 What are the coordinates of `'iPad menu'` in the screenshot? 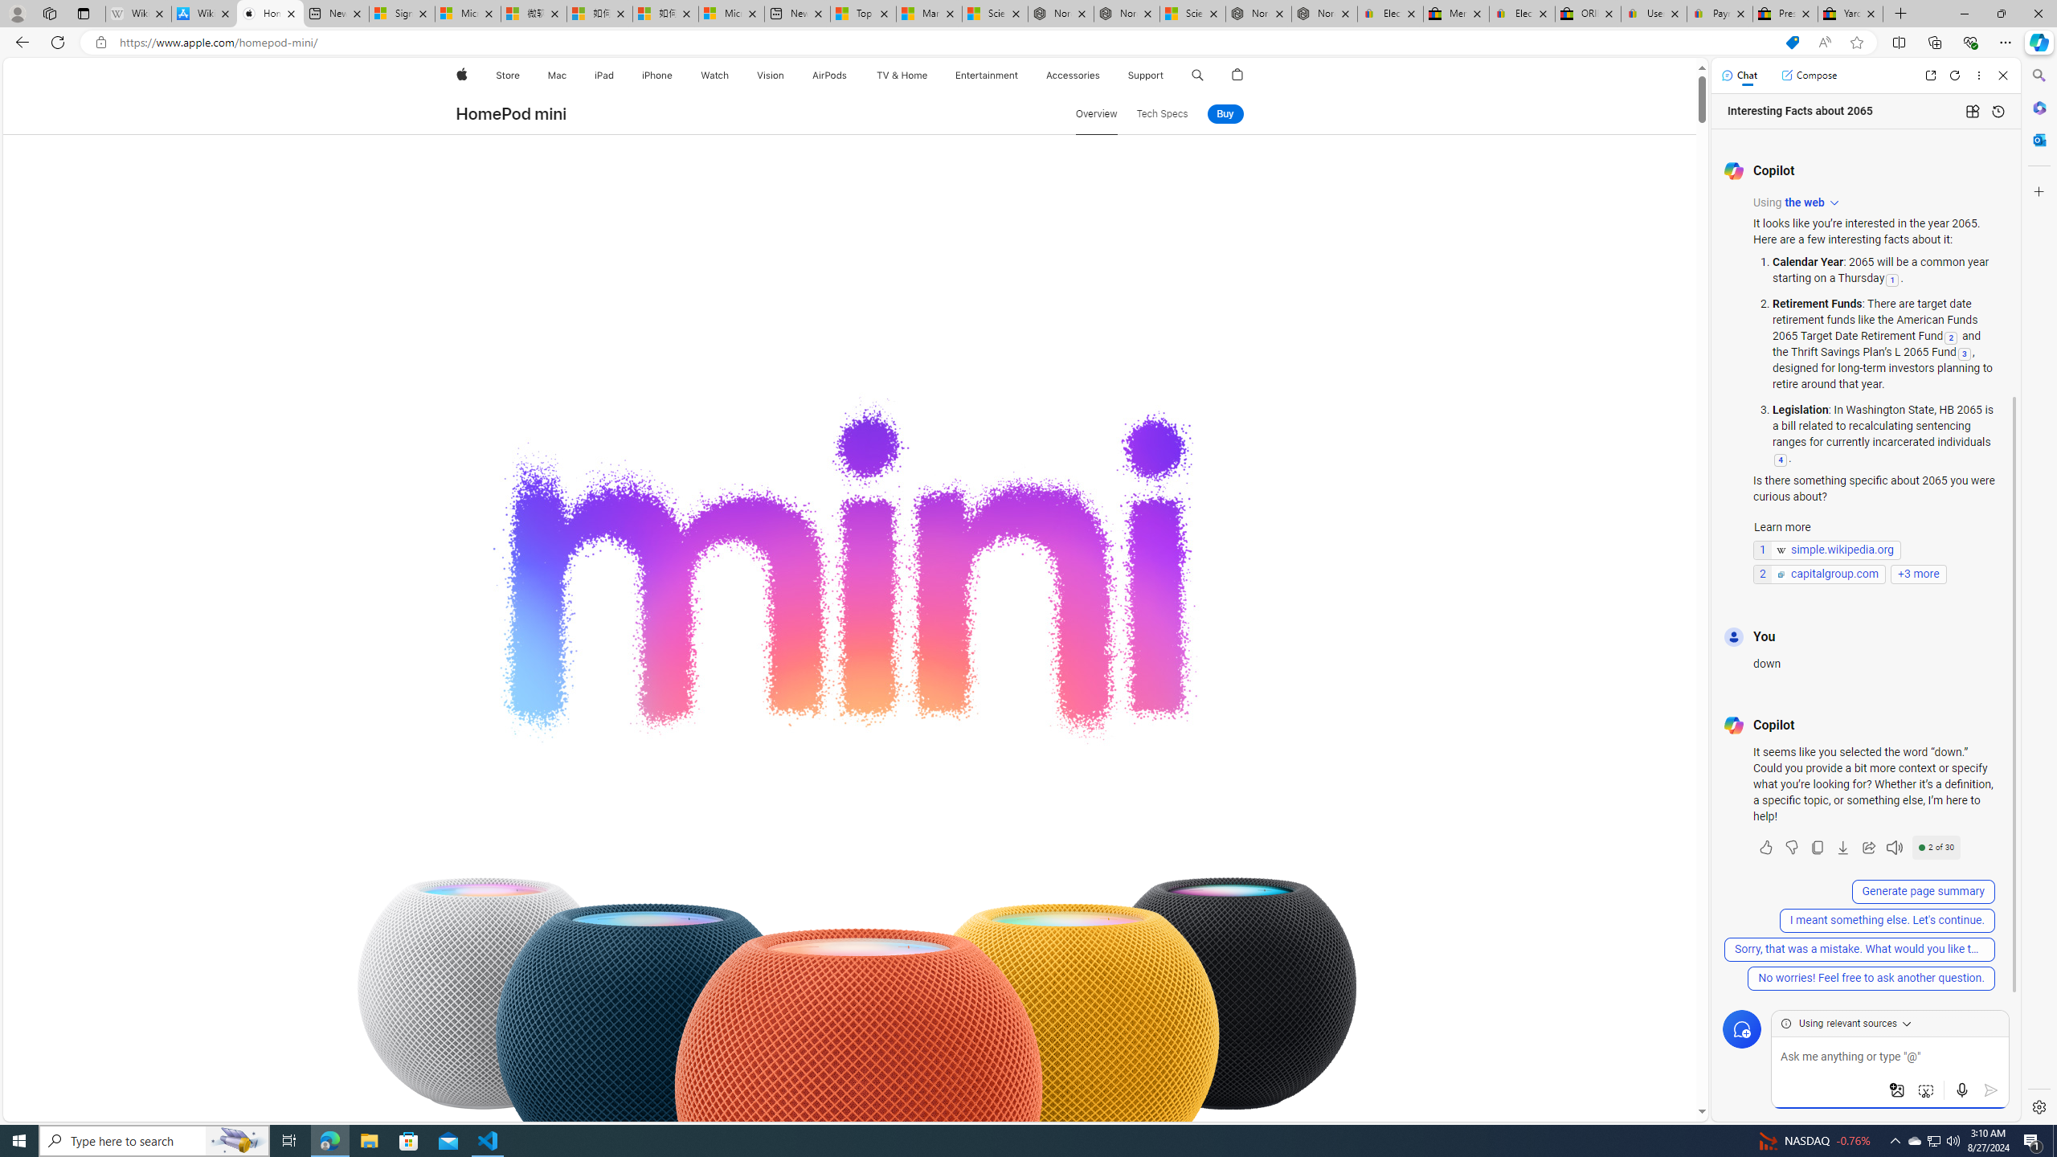 It's located at (615, 75).